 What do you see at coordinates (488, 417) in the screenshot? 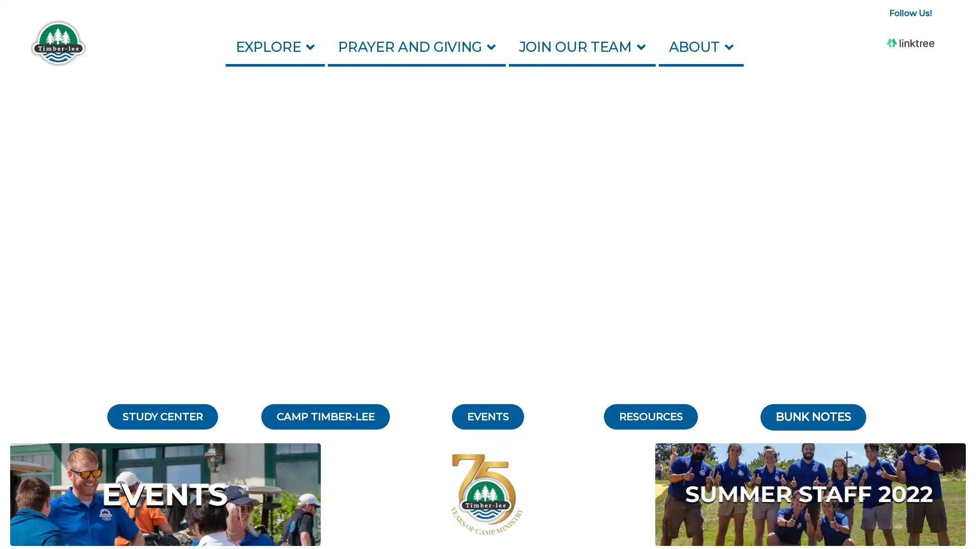
I see `EVENTS` at bounding box center [488, 417].